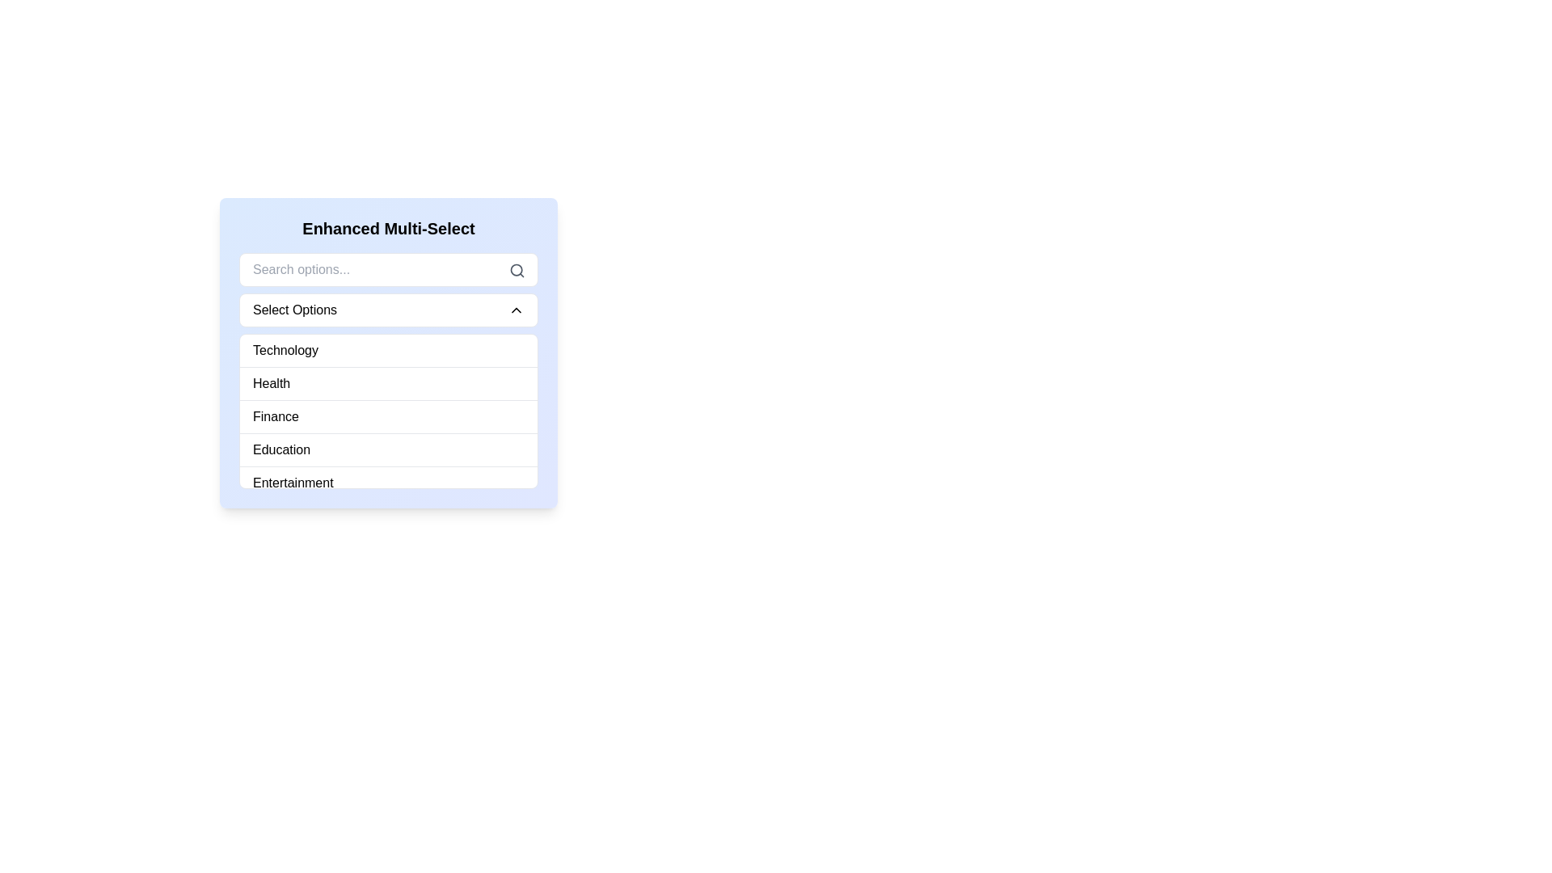  I want to click on the 'Entertainment' category option in the dropdown list, so click(388, 482).